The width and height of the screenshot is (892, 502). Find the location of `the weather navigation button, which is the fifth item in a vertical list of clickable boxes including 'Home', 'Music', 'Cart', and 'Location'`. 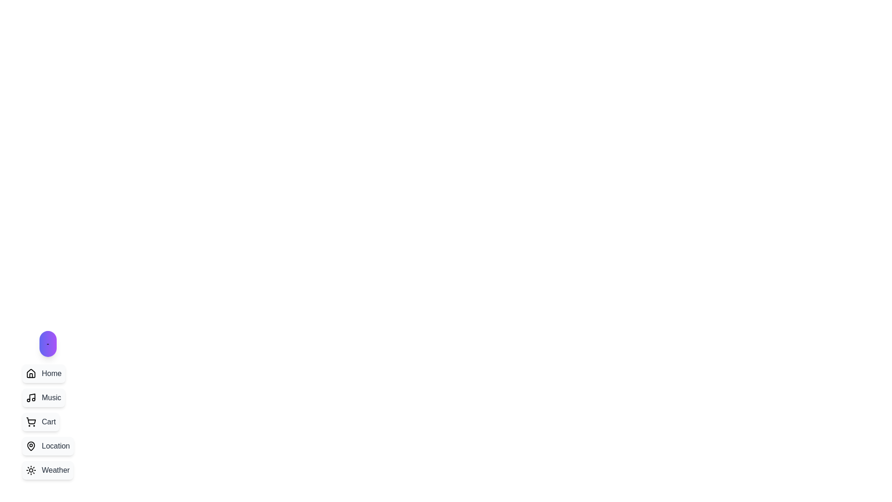

the weather navigation button, which is the fifth item in a vertical list of clickable boxes including 'Home', 'Music', 'Cart', and 'Location' is located at coordinates (47, 470).